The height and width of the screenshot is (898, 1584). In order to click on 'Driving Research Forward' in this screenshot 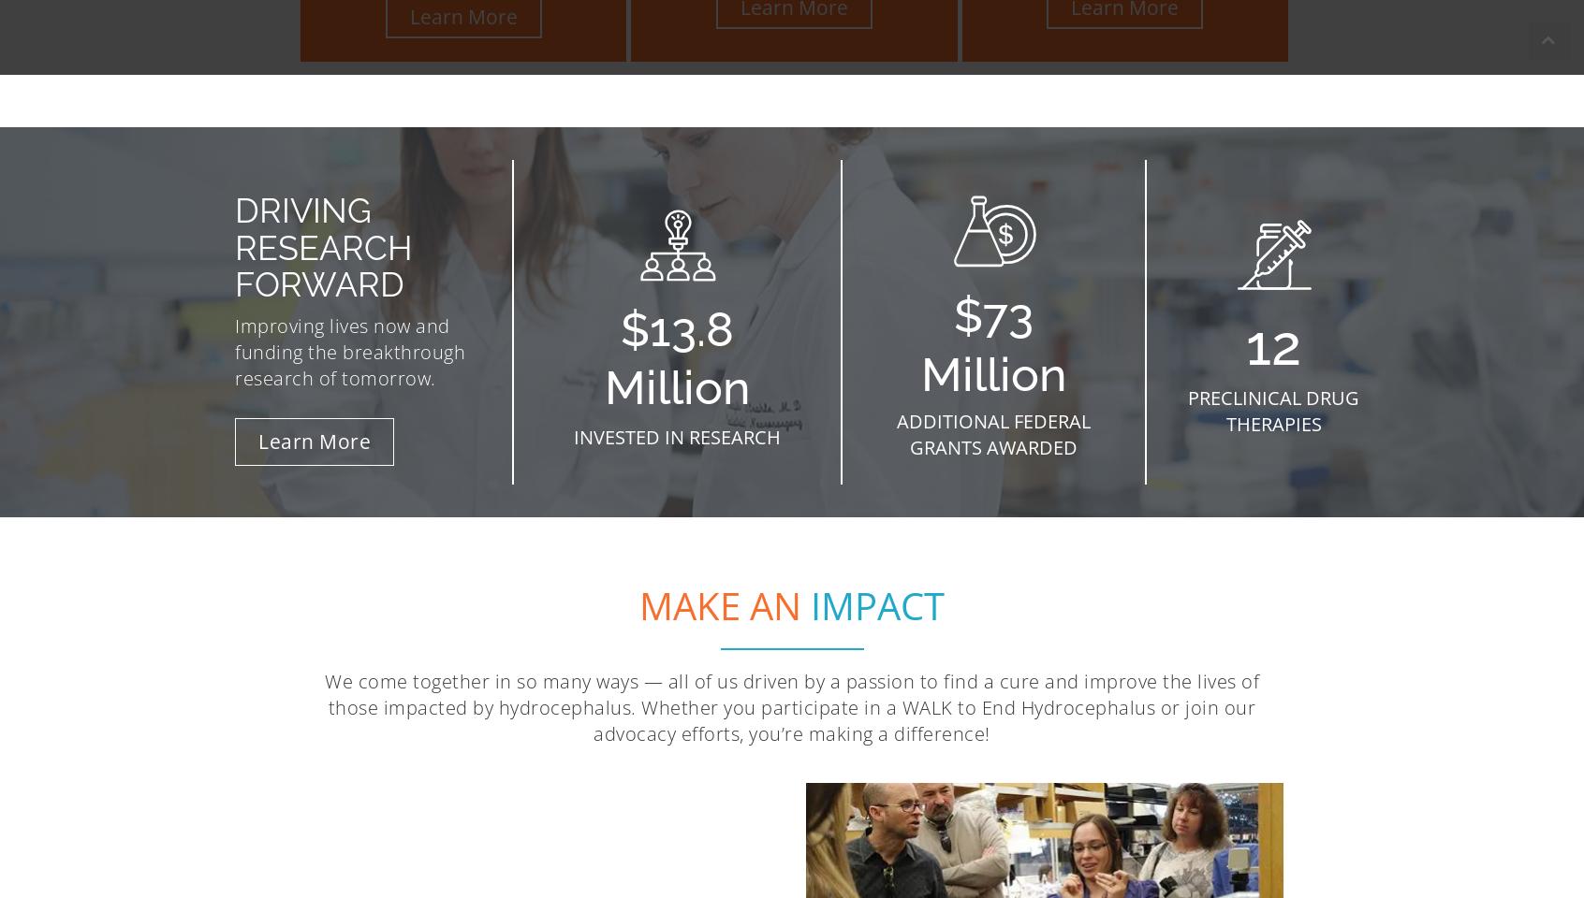, I will do `click(323, 246)`.